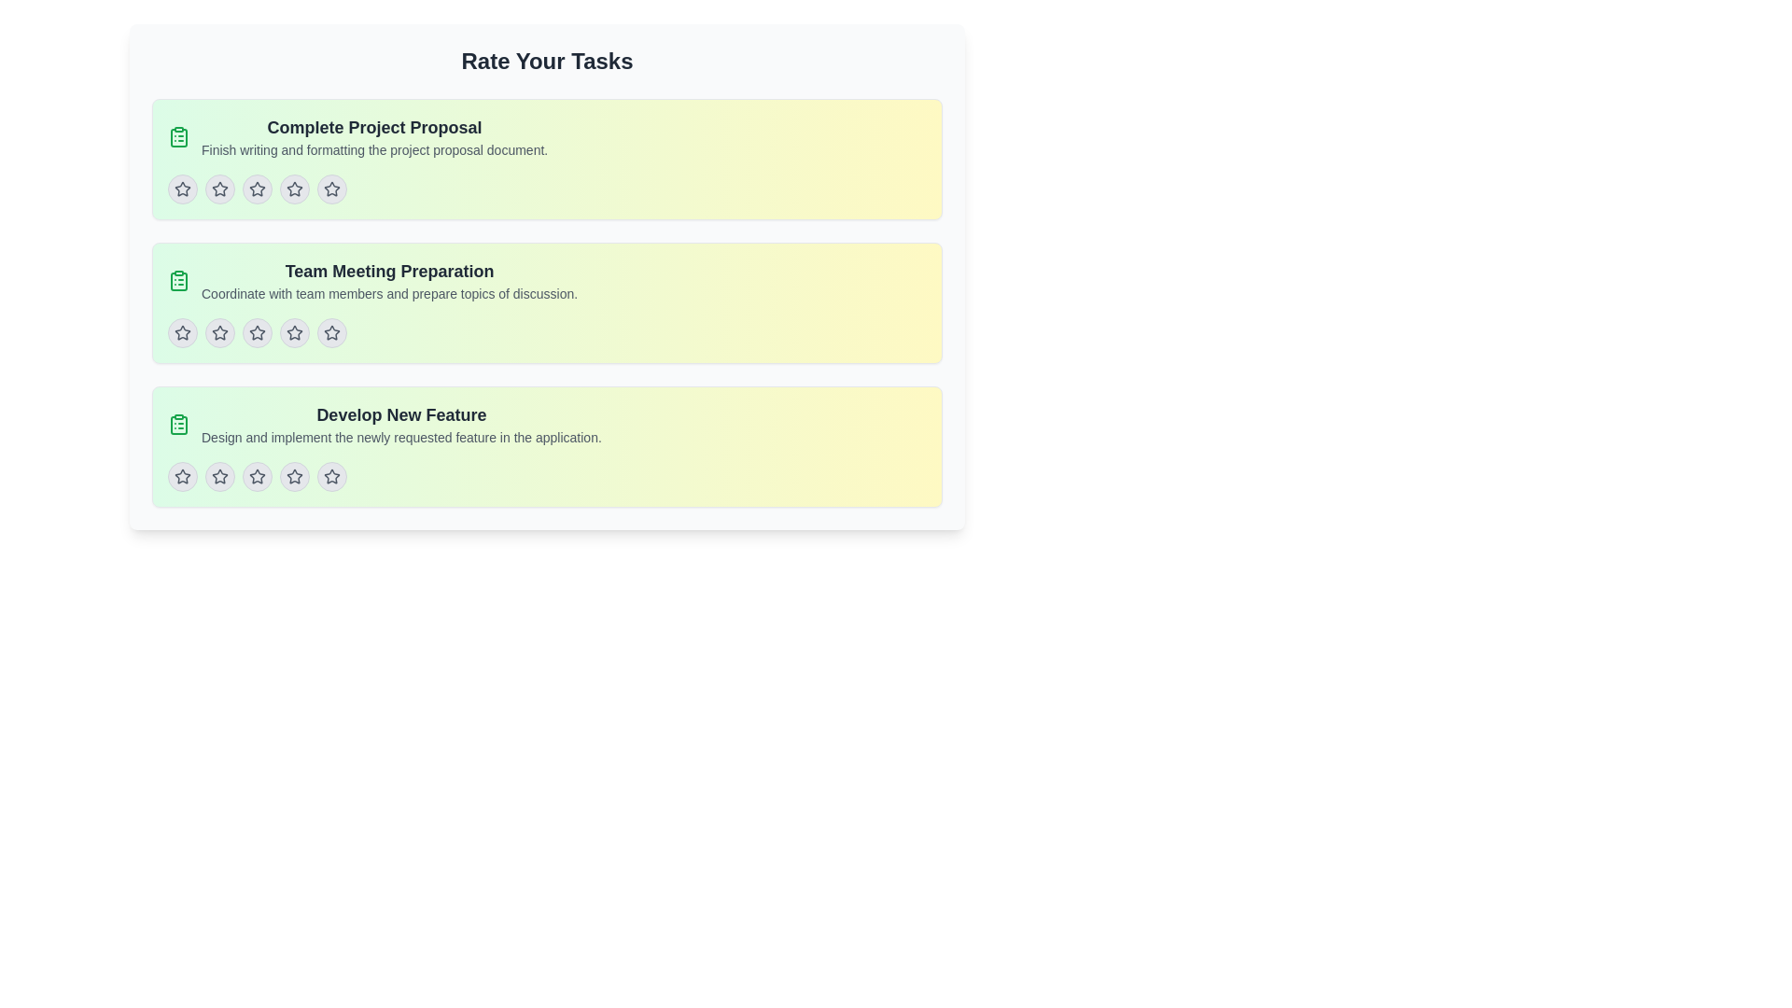 This screenshot has height=1008, width=1792. I want to click on the second star icon in the sequence of five rating stars within the 'Team Meeting Preparation' section, so click(256, 331).